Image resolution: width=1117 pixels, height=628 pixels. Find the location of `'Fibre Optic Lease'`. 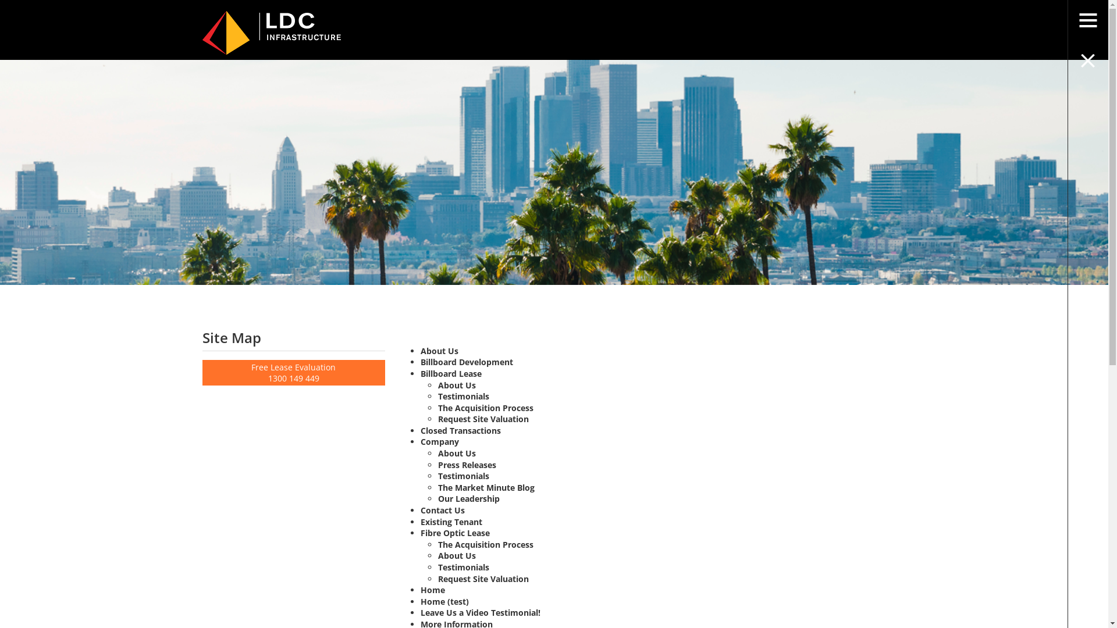

'Fibre Optic Lease' is located at coordinates (420, 533).